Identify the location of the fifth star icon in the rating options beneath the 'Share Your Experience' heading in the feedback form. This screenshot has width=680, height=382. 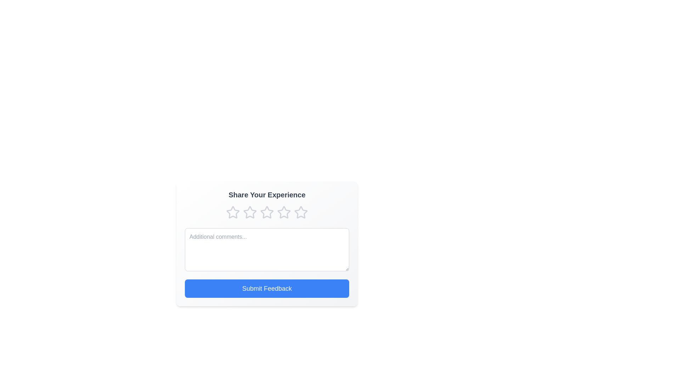
(301, 212).